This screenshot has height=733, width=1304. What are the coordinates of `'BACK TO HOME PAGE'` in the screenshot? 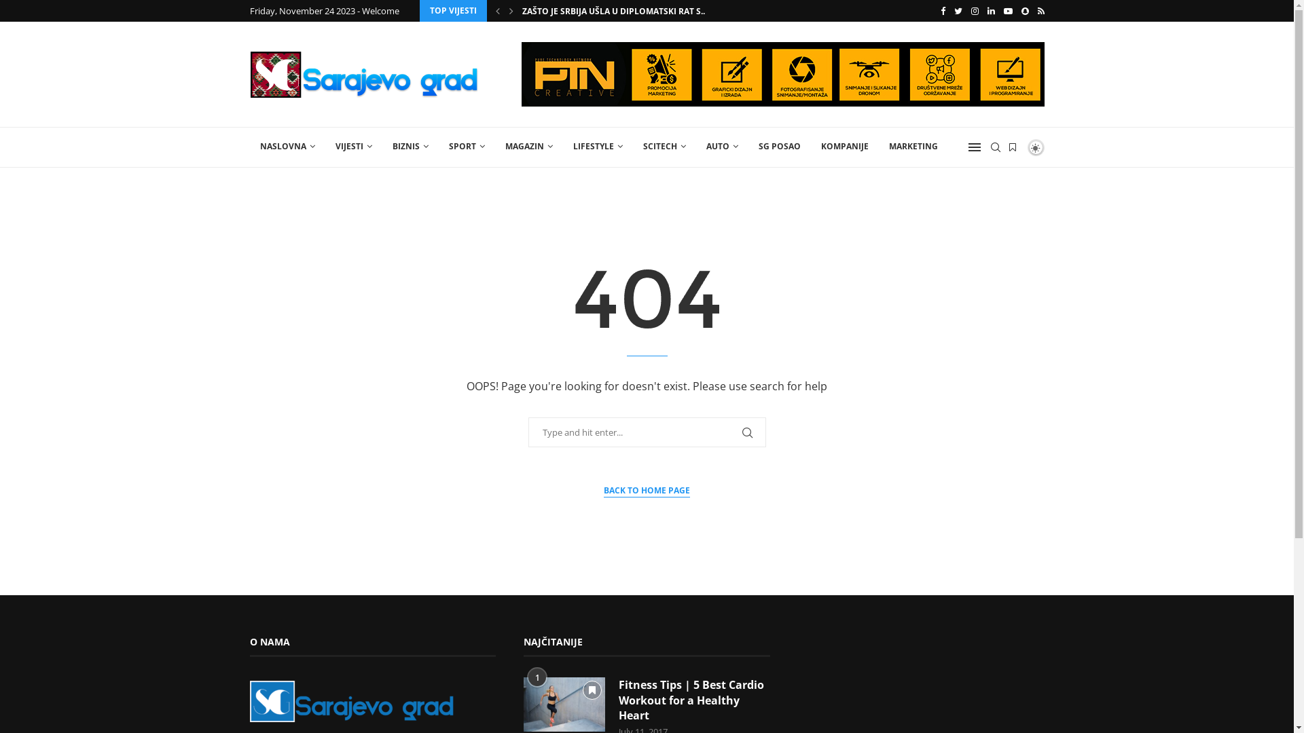 It's located at (646, 491).